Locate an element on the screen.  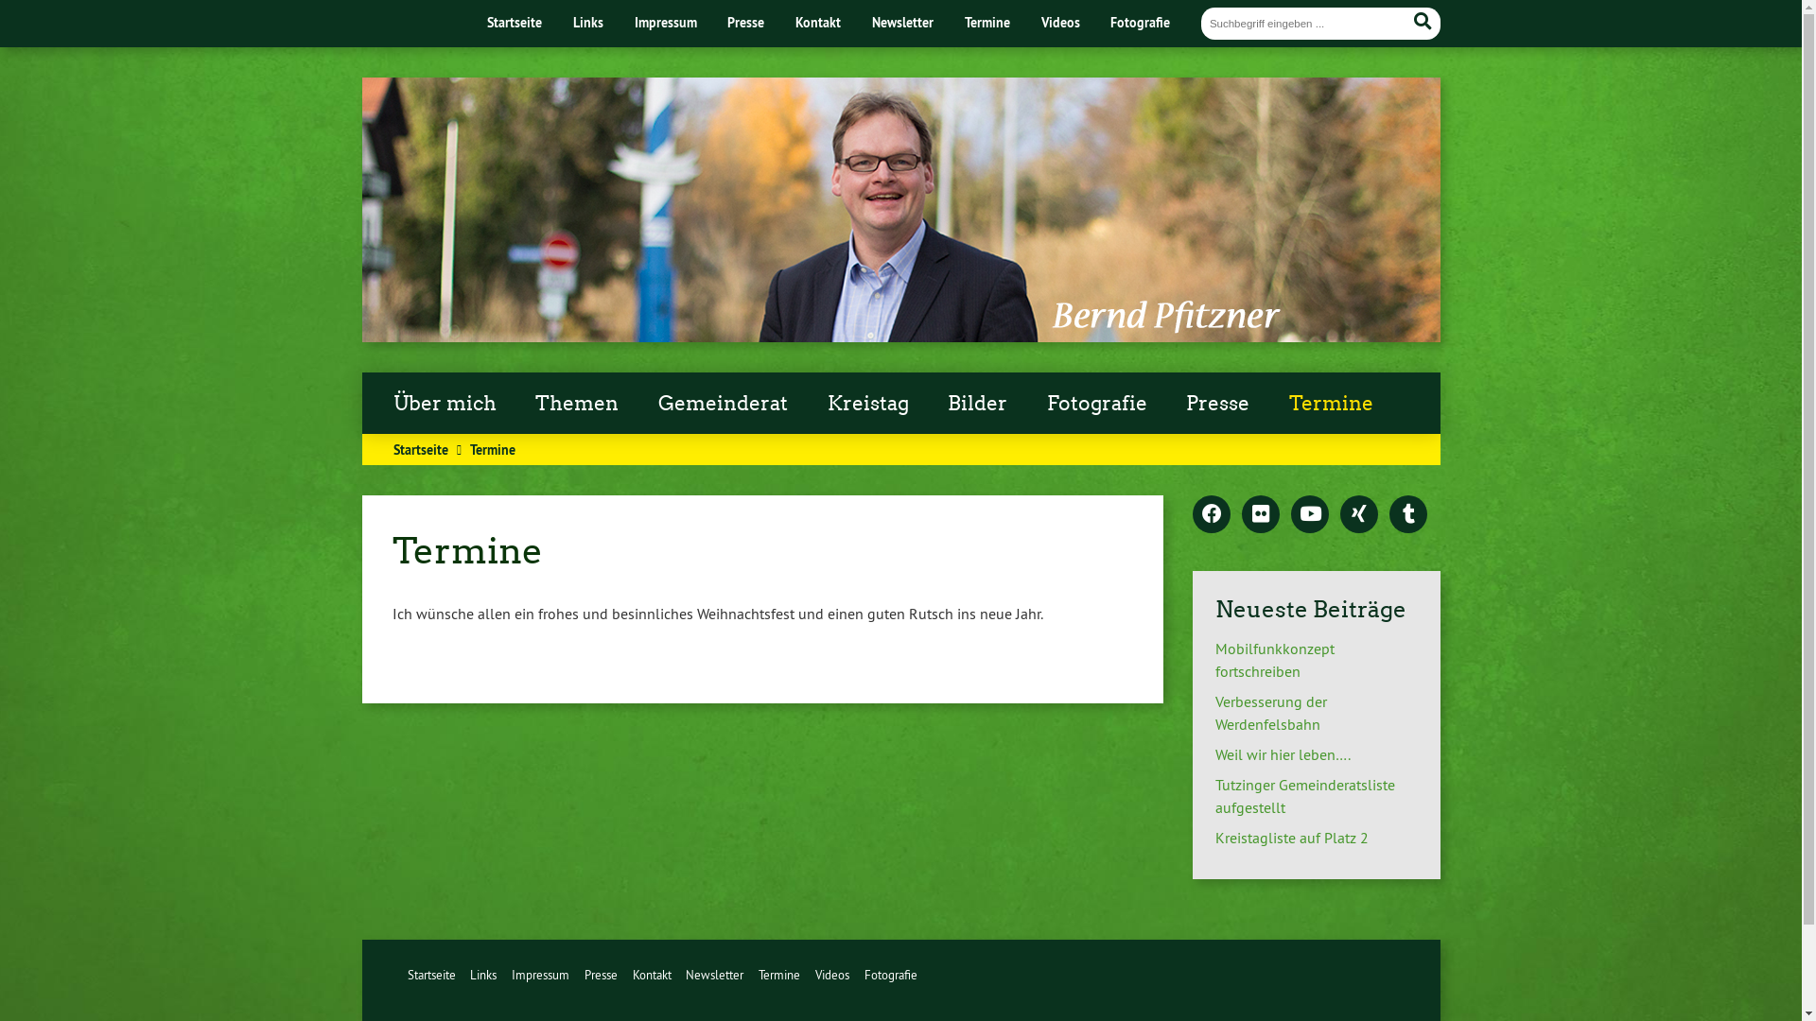
'Tumblr' is located at coordinates (1388, 514).